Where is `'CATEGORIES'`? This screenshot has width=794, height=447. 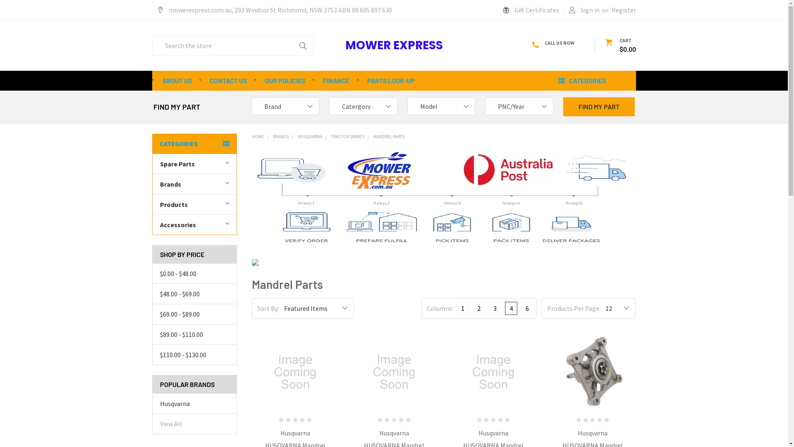 'CATEGORIES' is located at coordinates (593, 81).